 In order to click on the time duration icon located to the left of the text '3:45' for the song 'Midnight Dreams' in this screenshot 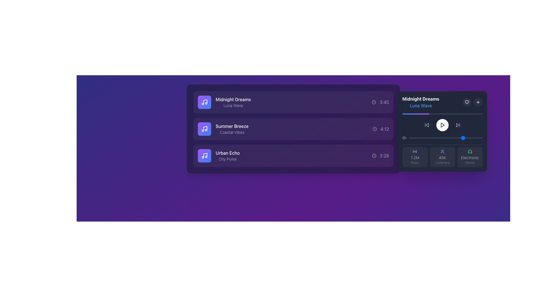, I will do `click(374, 102)`.